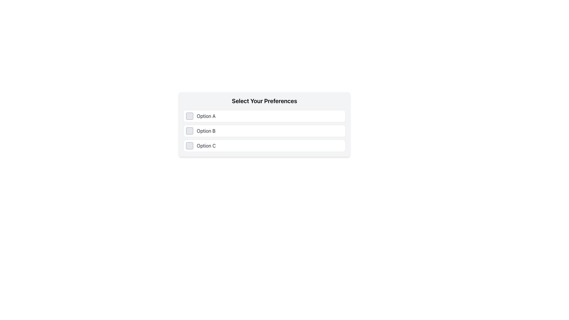 Image resolution: width=569 pixels, height=320 pixels. Describe the element at coordinates (206, 131) in the screenshot. I see `the second text label in a vertical list of options, which describes the associated checkbox for 'Option B'` at that location.